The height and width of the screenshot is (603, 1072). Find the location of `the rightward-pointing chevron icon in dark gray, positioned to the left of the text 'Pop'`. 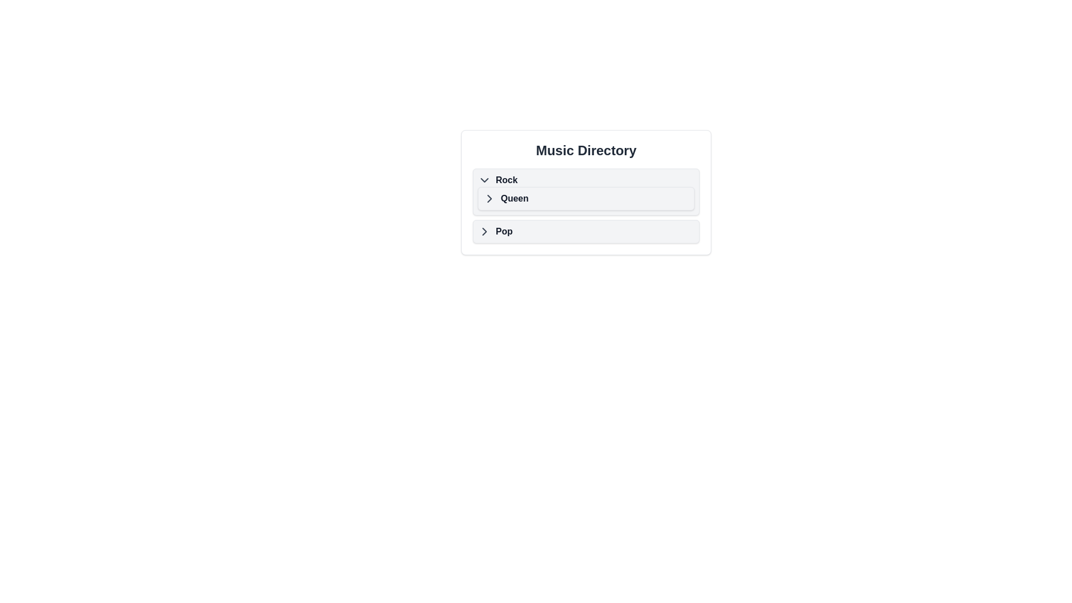

the rightward-pointing chevron icon in dark gray, positioned to the left of the text 'Pop' is located at coordinates (485, 231).